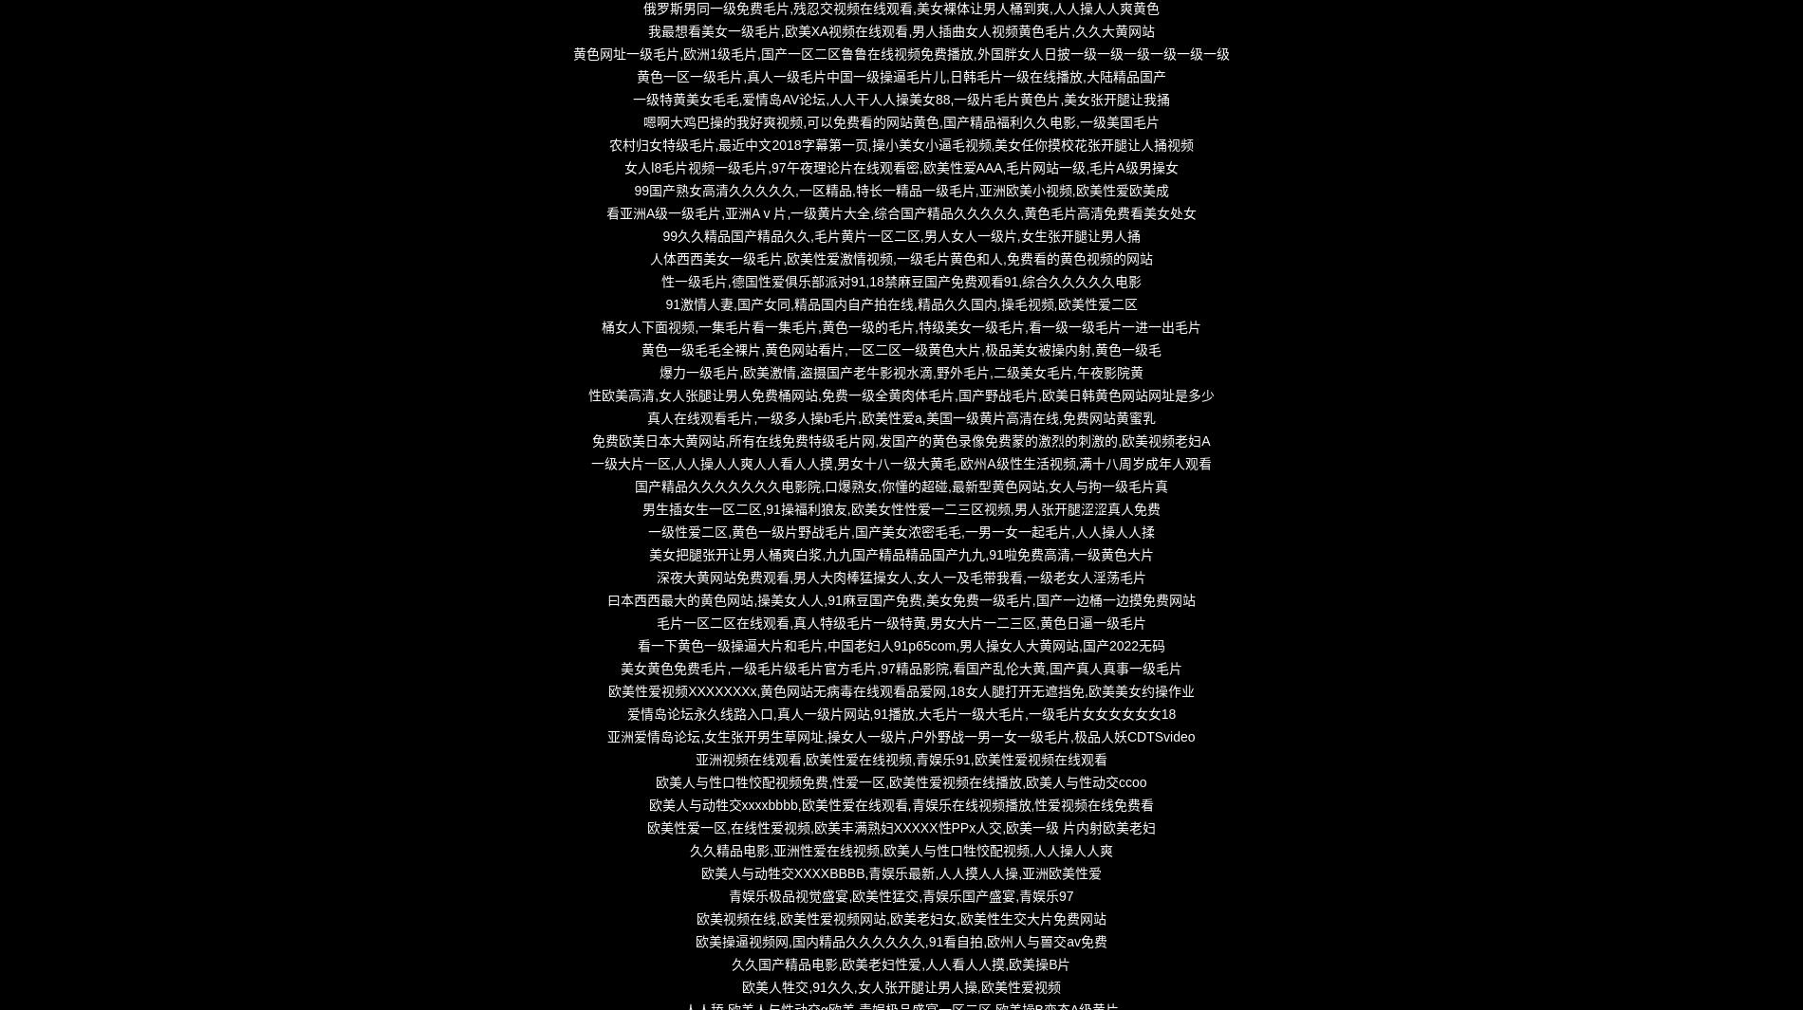  What do you see at coordinates (900, 987) in the screenshot?
I see `'欧美人牲交,91久久,女人张开腿让男人操,欧美性爱视频'` at bounding box center [900, 987].